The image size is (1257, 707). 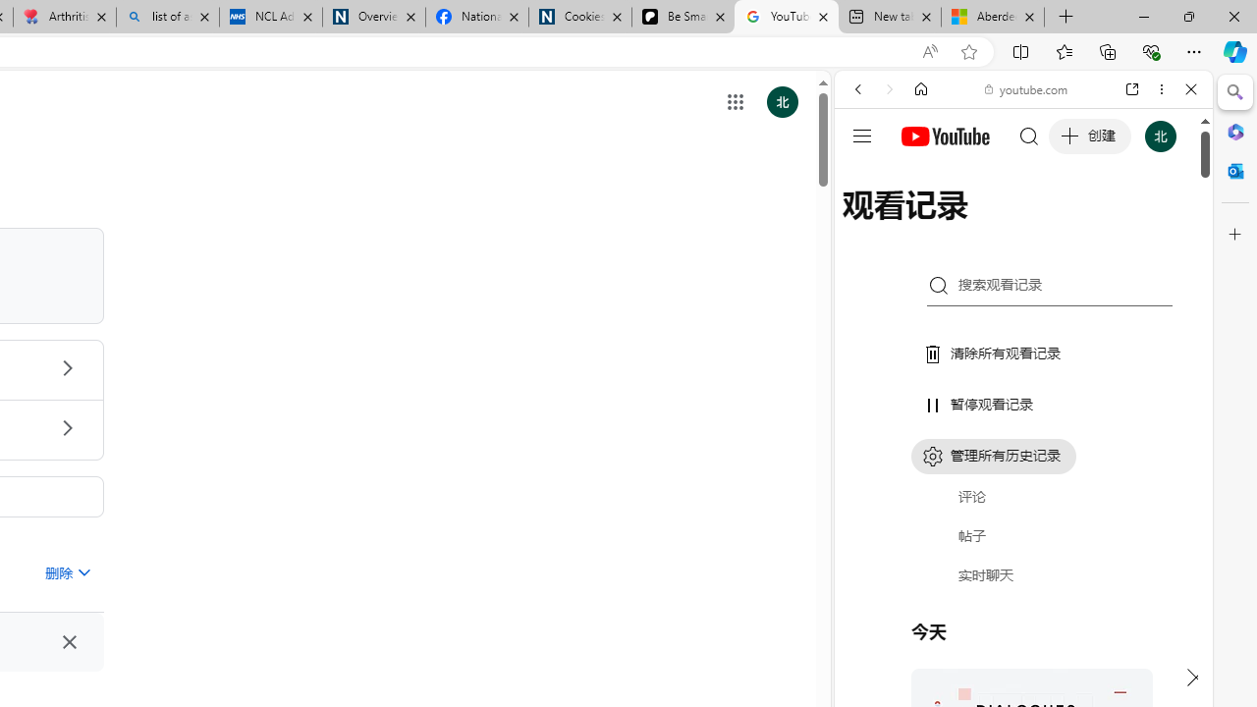 What do you see at coordinates (269, 17) in the screenshot?
I see `'NCL Adult Asthma Inhaler Choice Guideline'` at bounding box center [269, 17].